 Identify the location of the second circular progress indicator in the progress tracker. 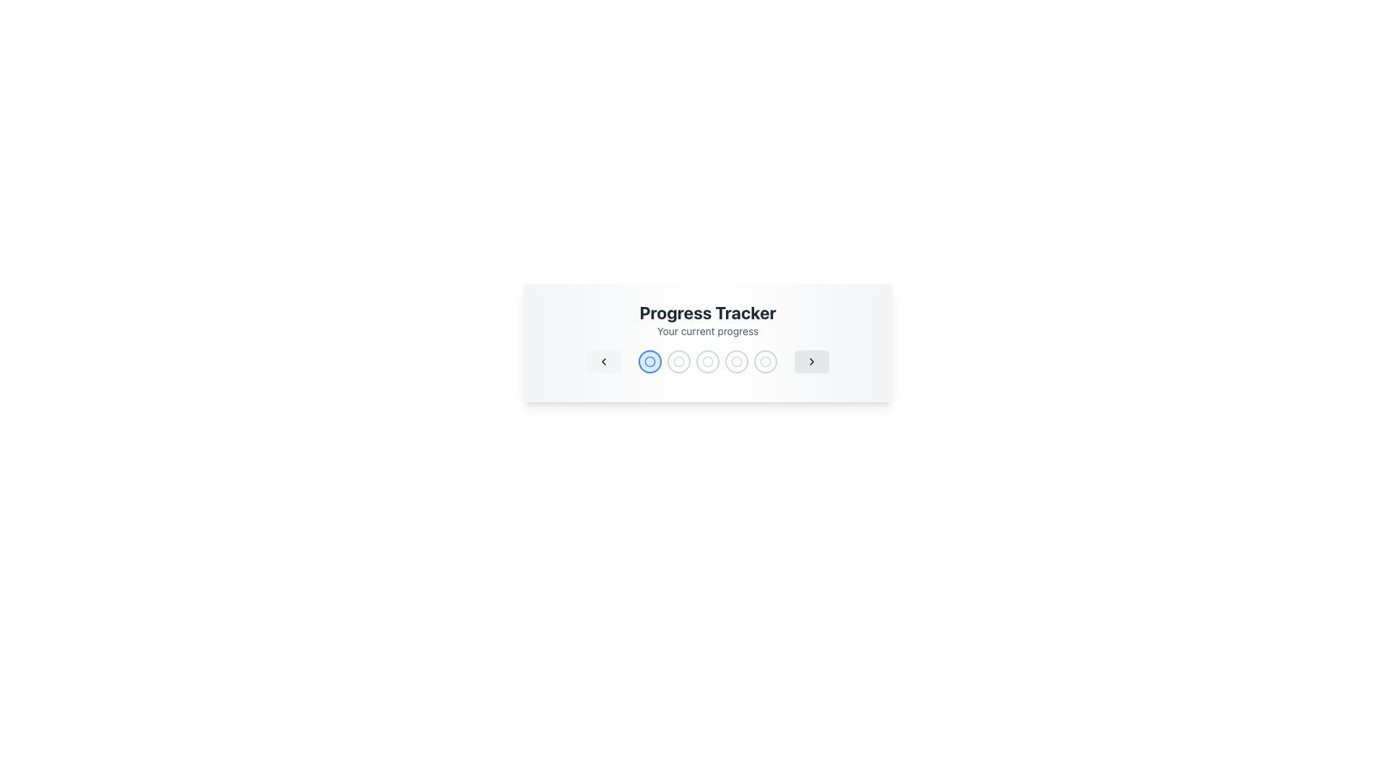
(649, 361).